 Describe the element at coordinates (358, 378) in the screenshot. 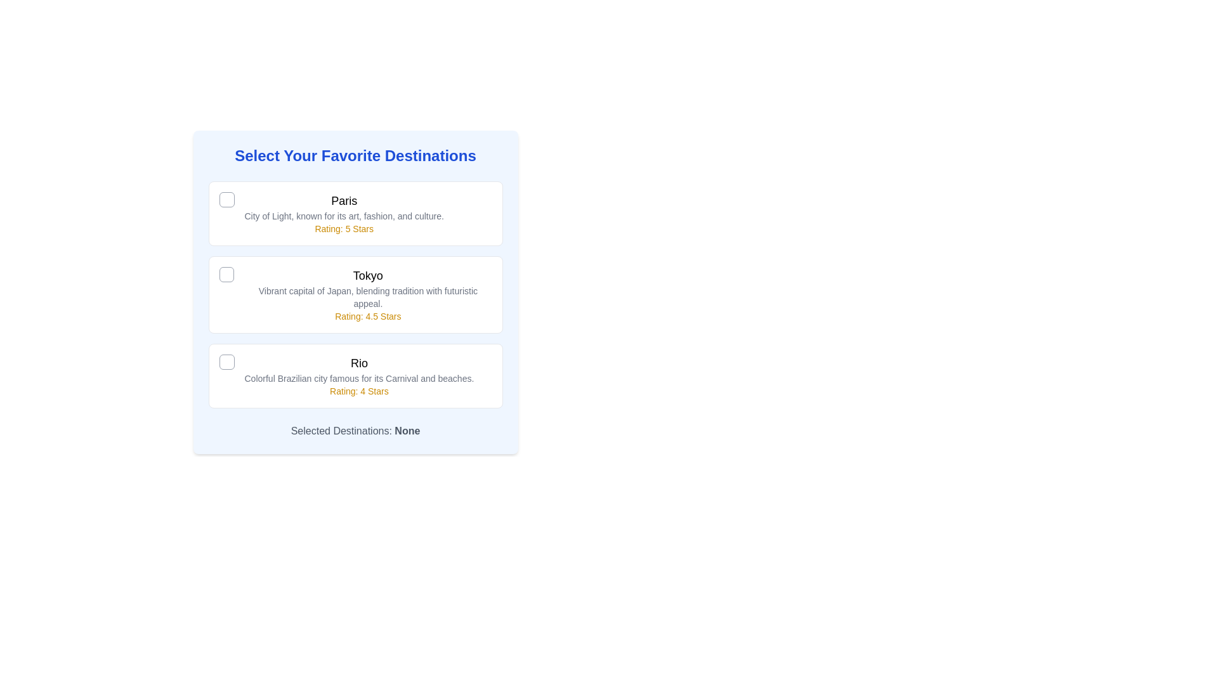

I see `the static text block that provides additional descriptive information about 'Rio', which is positioned between the 'Rio' label and the 'Rating: 4 Stars' text` at that location.